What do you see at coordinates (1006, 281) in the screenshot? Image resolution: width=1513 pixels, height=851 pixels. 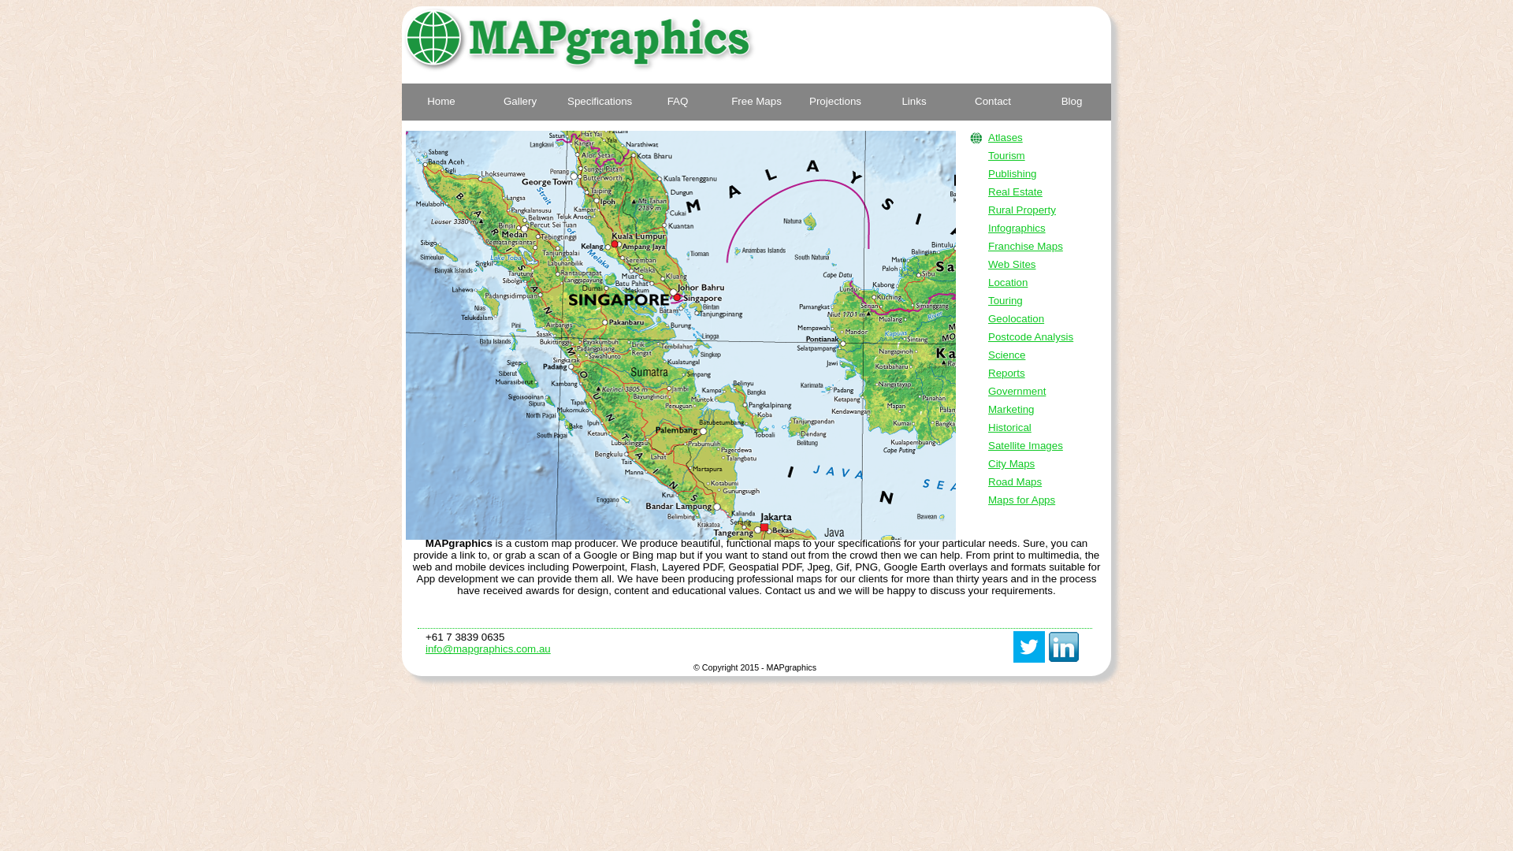 I see `'Location'` at bounding box center [1006, 281].